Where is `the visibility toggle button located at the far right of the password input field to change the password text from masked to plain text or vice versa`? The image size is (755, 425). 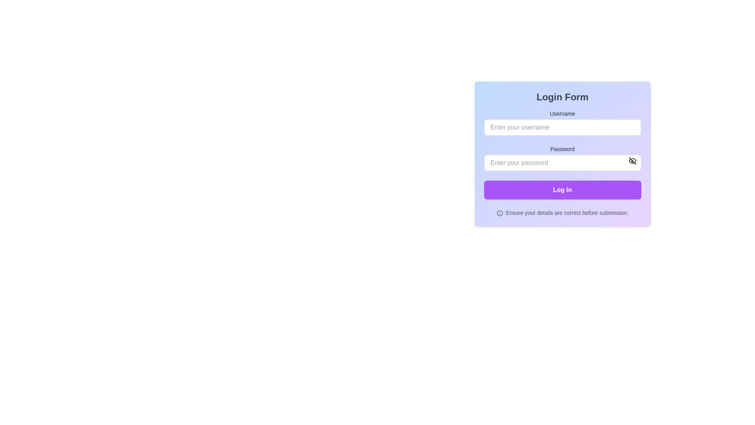 the visibility toggle button located at the far right of the password input field to change the password text from masked to plain text or vice versa is located at coordinates (632, 160).